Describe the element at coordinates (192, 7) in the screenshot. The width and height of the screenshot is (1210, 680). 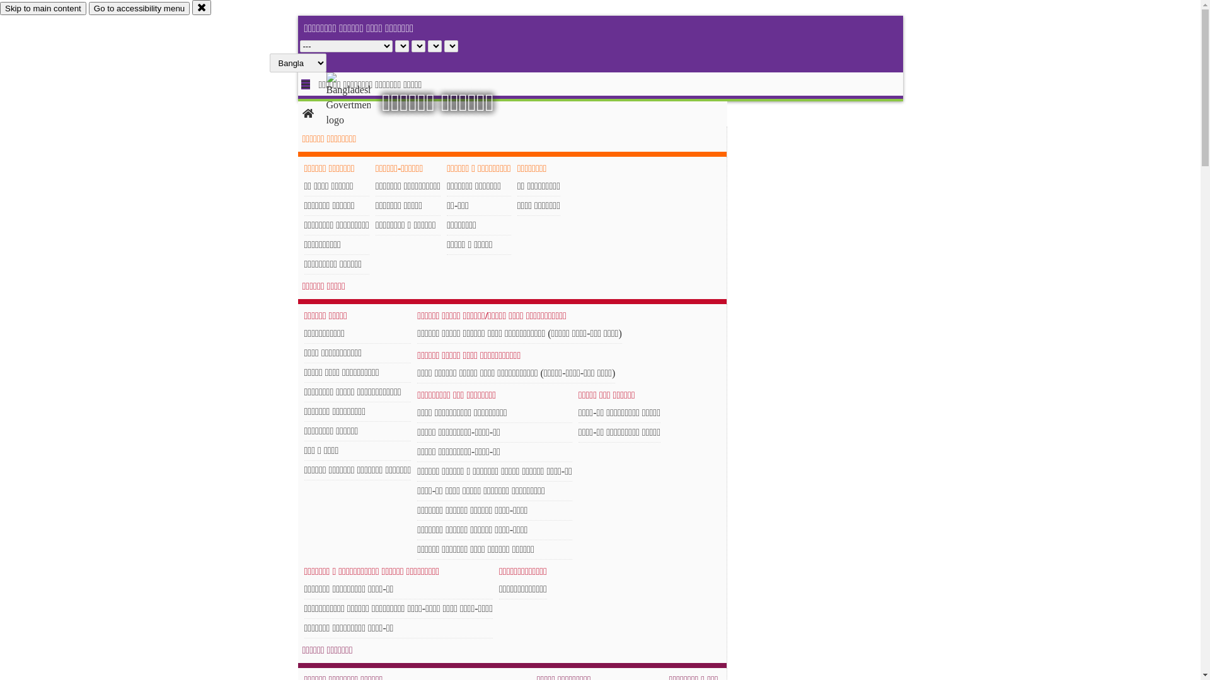
I see `'close'` at that location.